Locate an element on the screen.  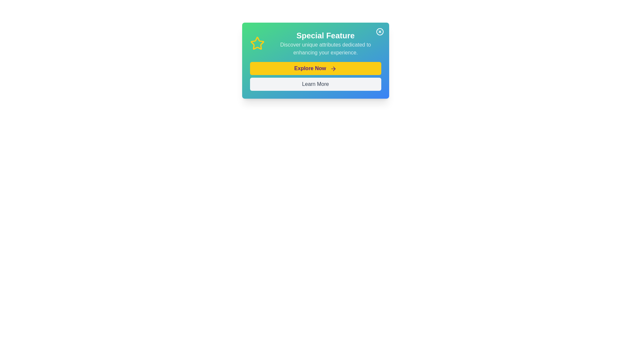
the right-pointing purple arrow icon adjacent to the 'Explore Now' yellow button is located at coordinates (333, 69).